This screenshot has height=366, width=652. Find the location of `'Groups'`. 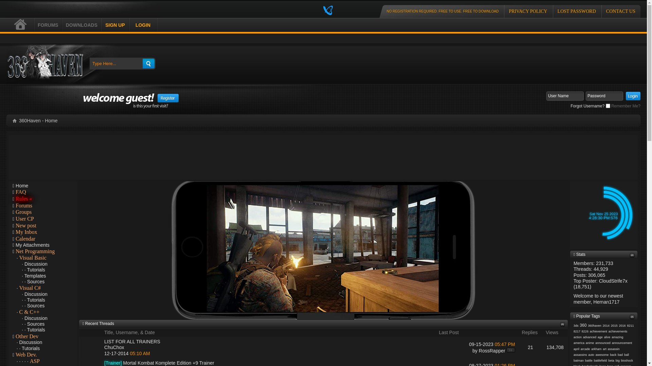

'Groups' is located at coordinates (23, 211).